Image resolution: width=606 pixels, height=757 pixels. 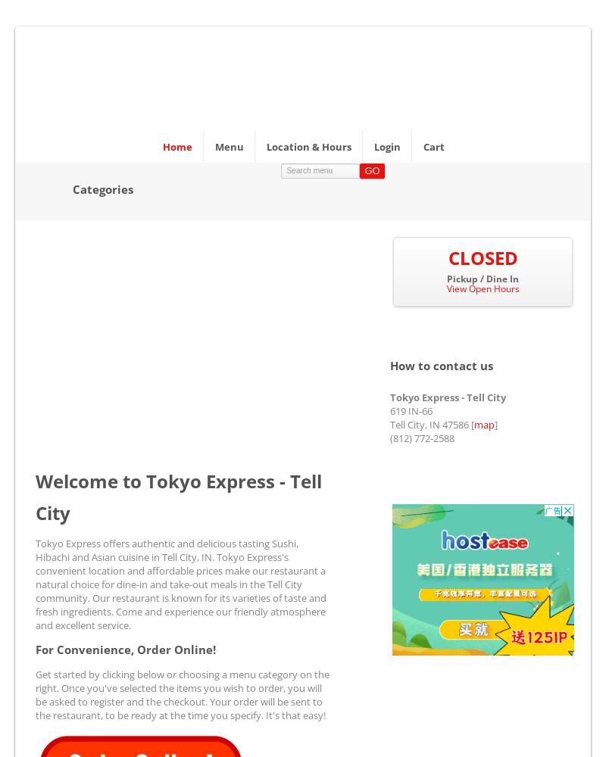 What do you see at coordinates (34, 694) in the screenshot?
I see `'Get started by clicking below or choosing a menu category on the right. Once you've selected the items you wish to order, you will be asked to register and the checkout. Your order will be sent to the restaurant, to be ready at the time you specify. It's that easy!'` at bounding box center [34, 694].